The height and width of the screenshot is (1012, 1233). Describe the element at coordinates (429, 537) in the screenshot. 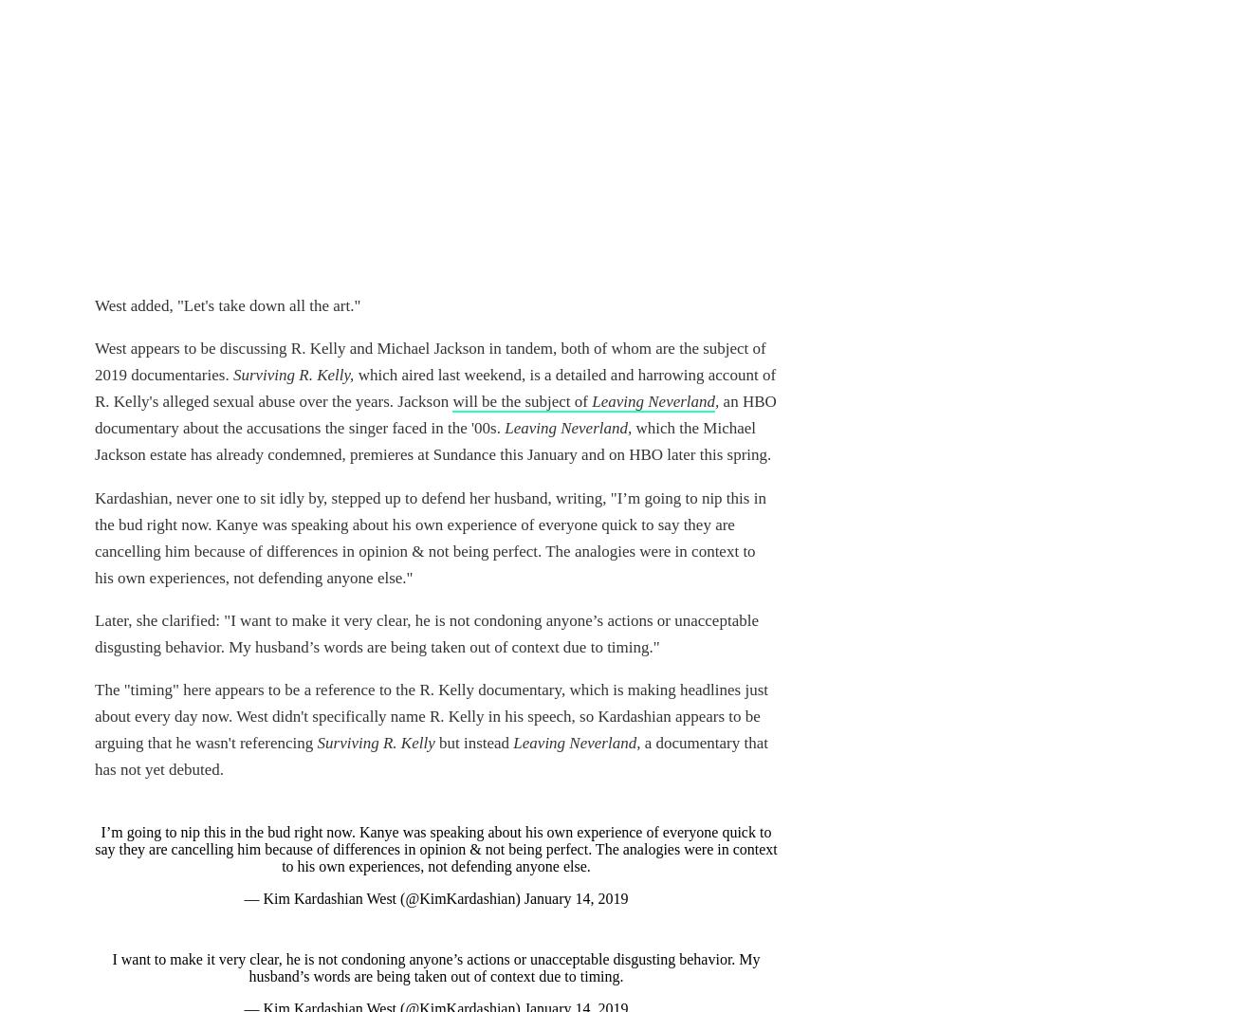

I see `'Kardashian, never one to sit idly by, stepped up to defend her husband, writing, "I’m going to nip this in the bud right now. Kanye was speaking about his own experience of everyone quick to say they are cancelling him because of differences in opinion & not being perfect. The analogies were in context to his own experiences, not defending anyone else."'` at that location.